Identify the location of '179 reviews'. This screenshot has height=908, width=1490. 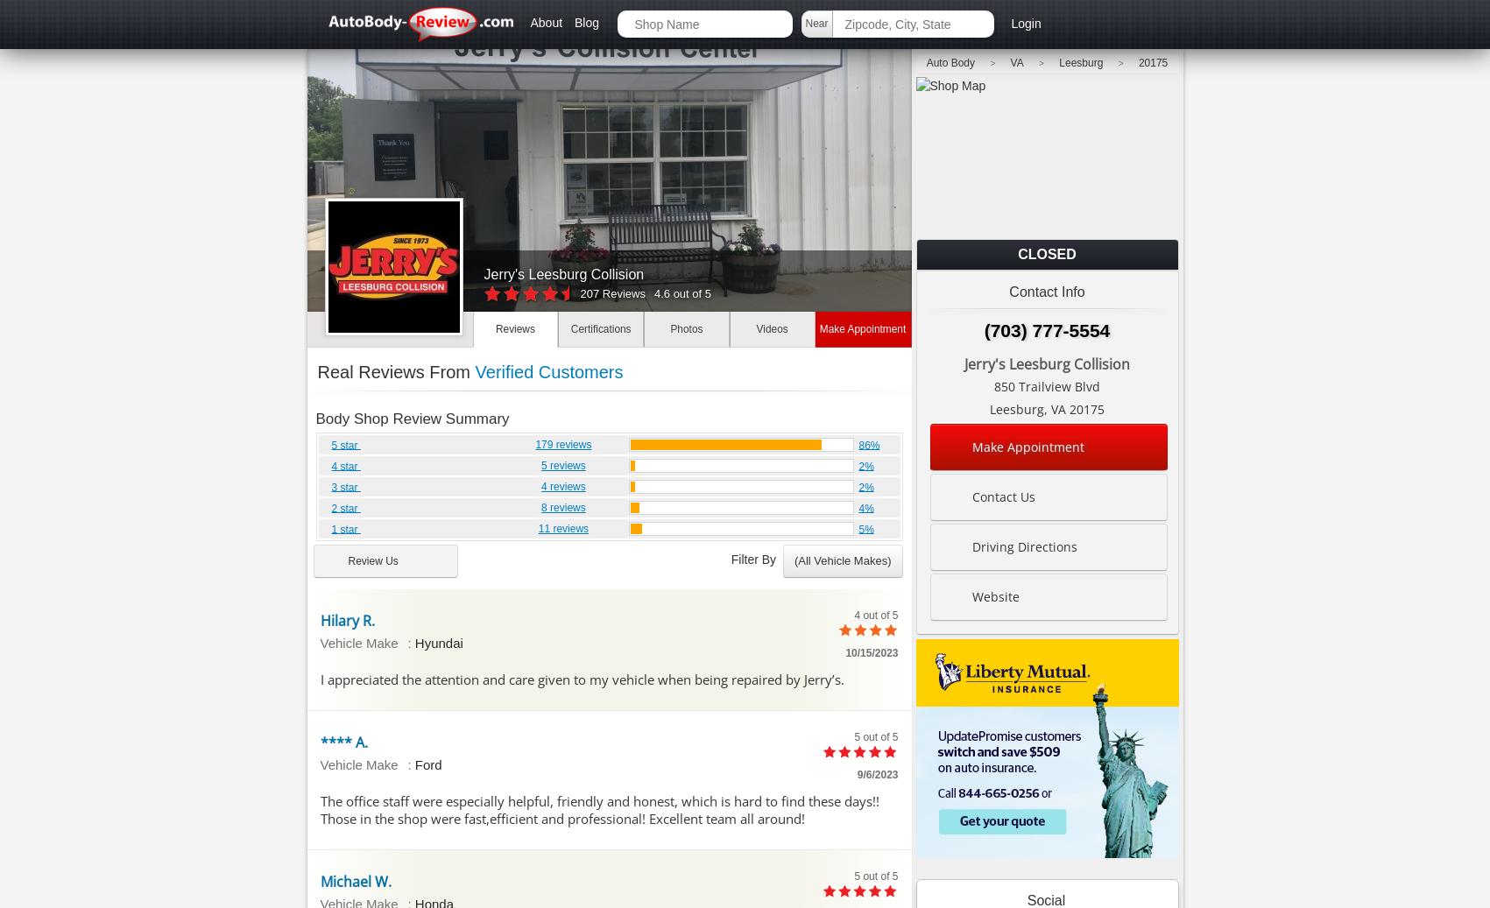
(561, 444).